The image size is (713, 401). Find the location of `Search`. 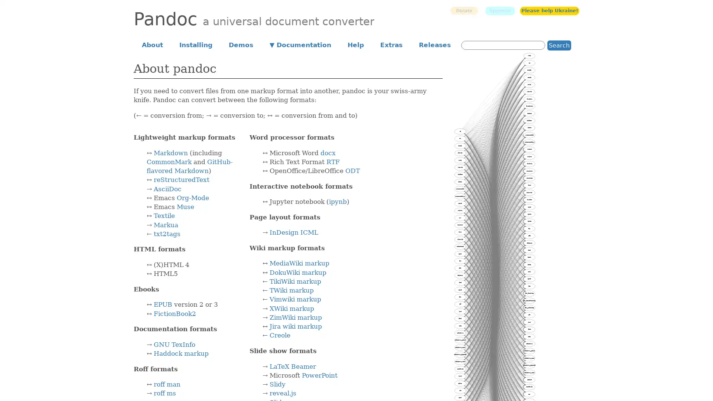

Search is located at coordinates (559, 45).